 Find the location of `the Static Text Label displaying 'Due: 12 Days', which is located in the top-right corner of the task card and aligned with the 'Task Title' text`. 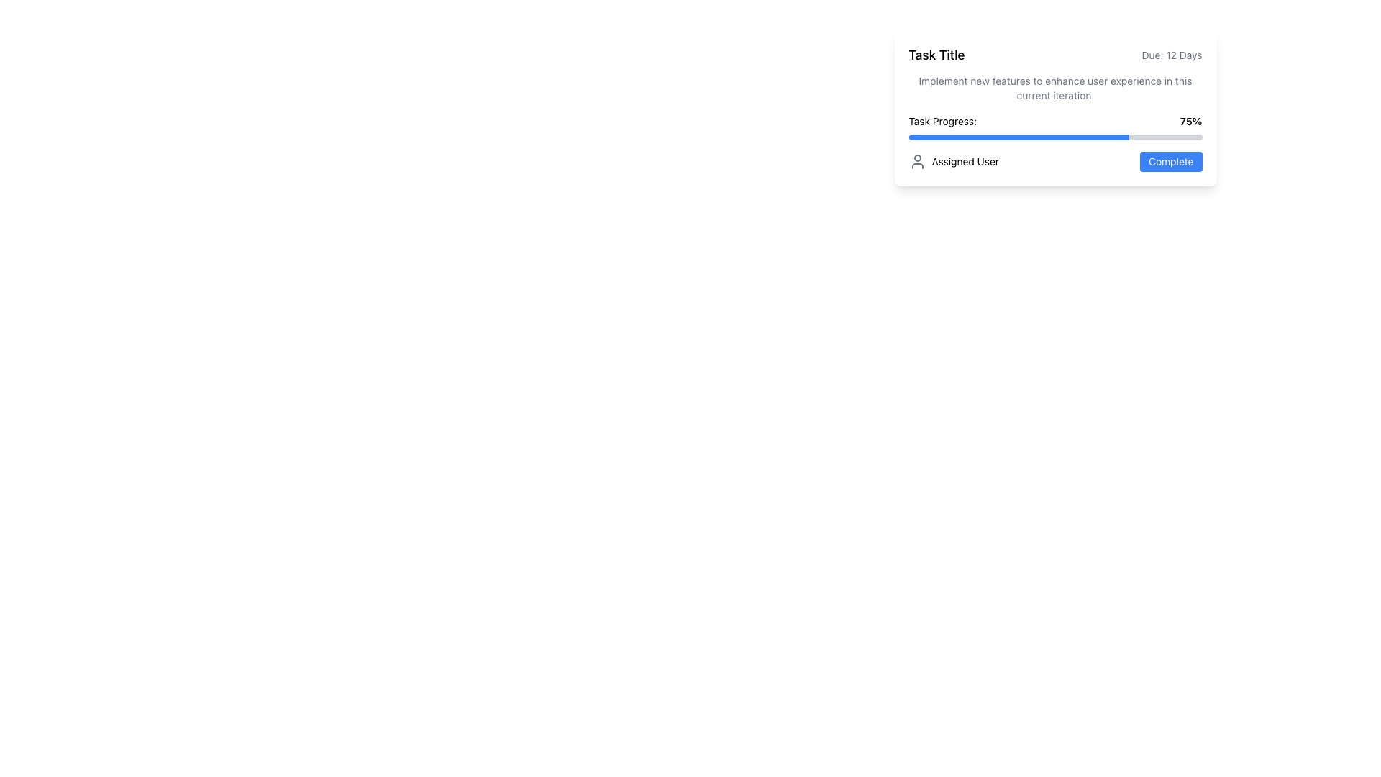

the Static Text Label displaying 'Due: 12 Days', which is located in the top-right corner of the task card and aligned with the 'Task Title' text is located at coordinates (1172, 55).